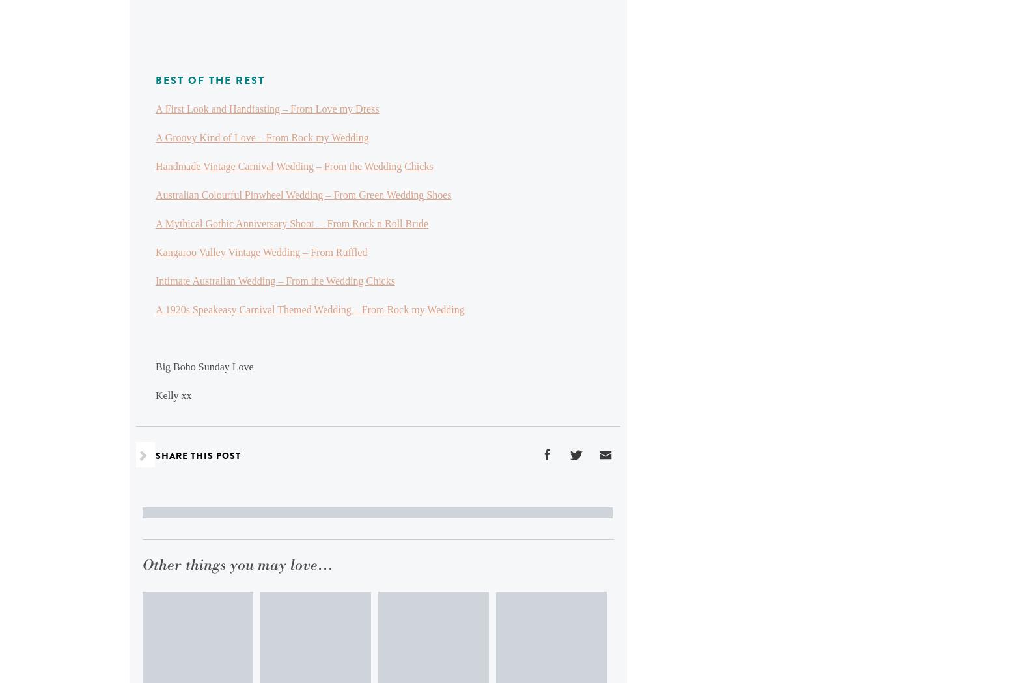  What do you see at coordinates (156, 309) in the screenshot?
I see `'A 1920s Speakeasy Carnival Themed Wedding – From Rock my Wedding'` at bounding box center [156, 309].